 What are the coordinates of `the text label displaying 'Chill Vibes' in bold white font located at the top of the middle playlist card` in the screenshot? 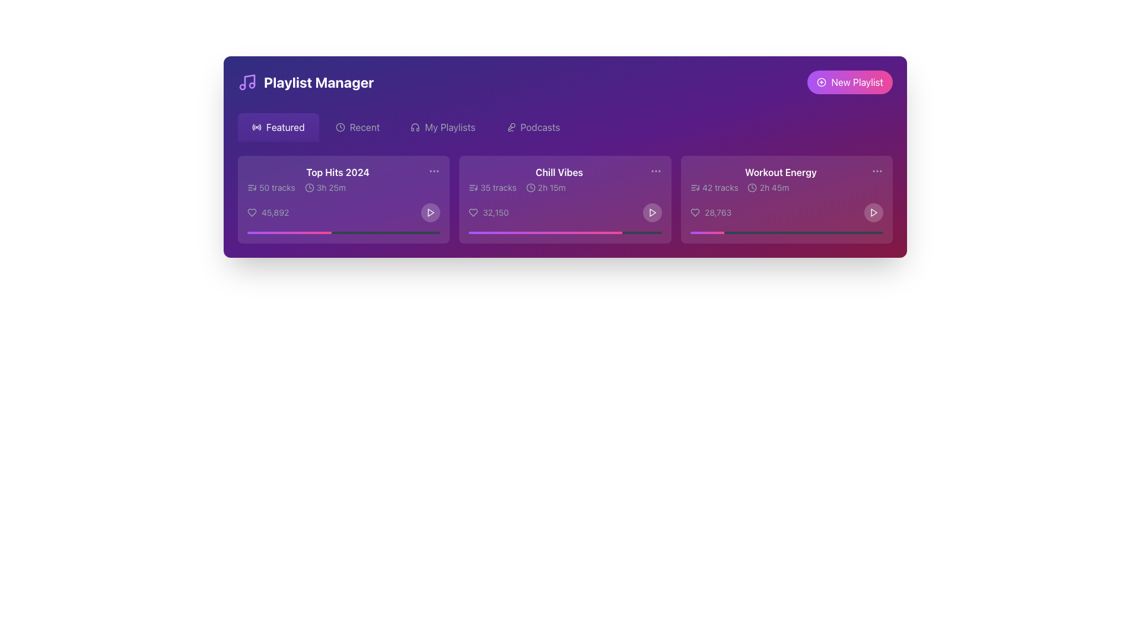 It's located at (558, 172).